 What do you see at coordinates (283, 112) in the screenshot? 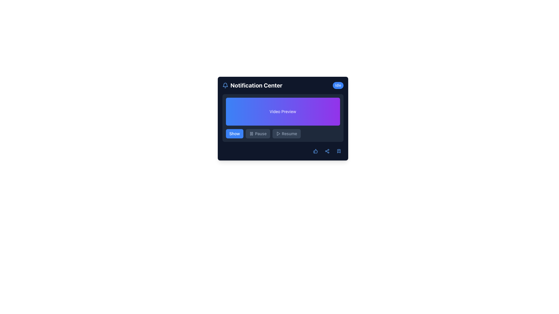
I see `the 'Video Preview' text label, which is displayed in white text on a gradient background transitioning from blue to purple, located in the upper-middle part of the interface` at bounding box center [283, 112].